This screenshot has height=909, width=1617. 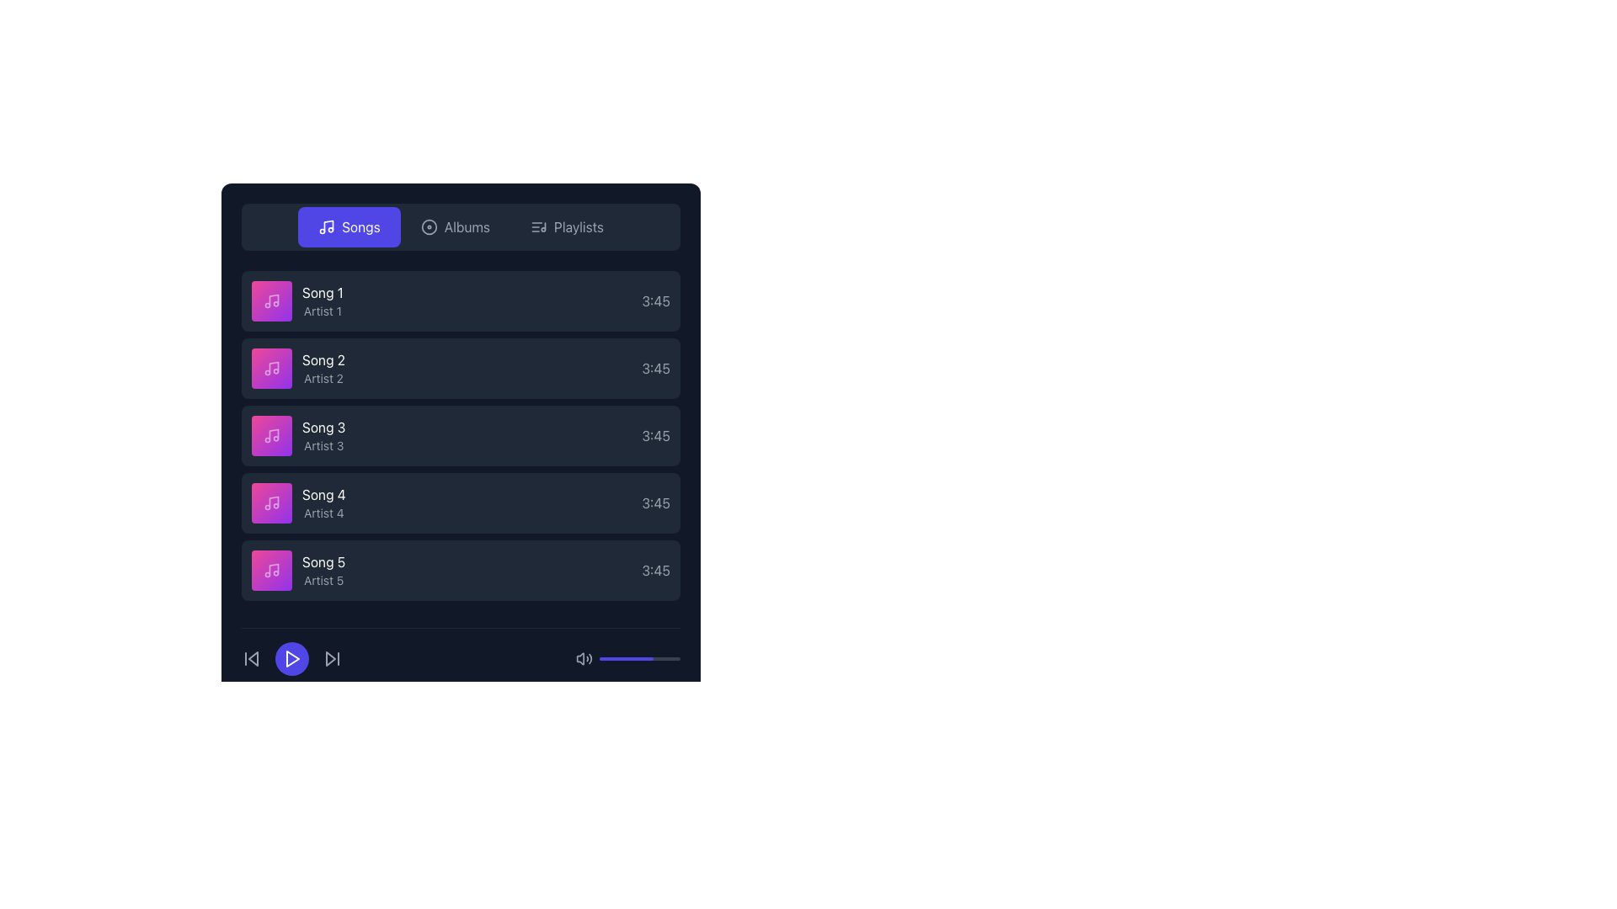 I want to click on the 'Playlists' icon located in the navigation bar, so click(x=537, y=227).